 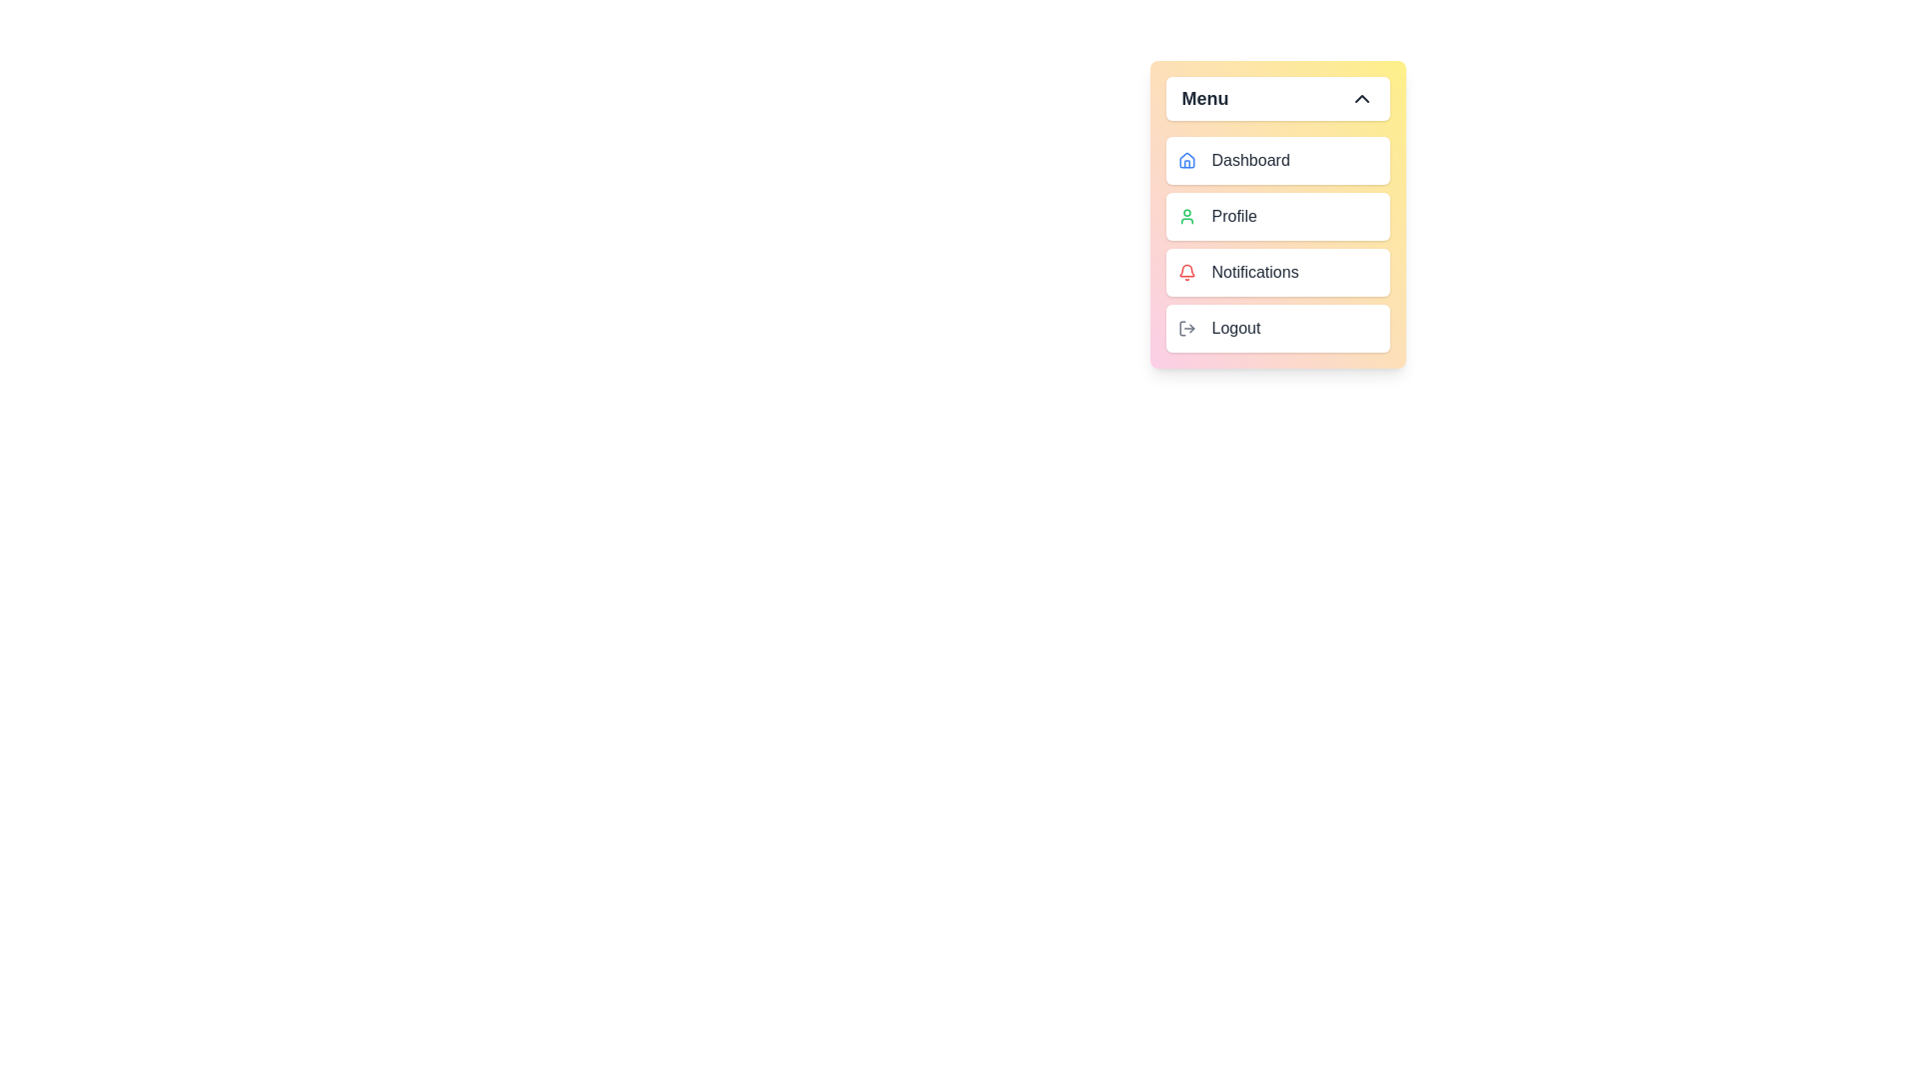 What do you see at coordinates (1276, 216) in the screenshot?
I see `the menu item Profile to preview its action` at bounding box center [1276, 216].